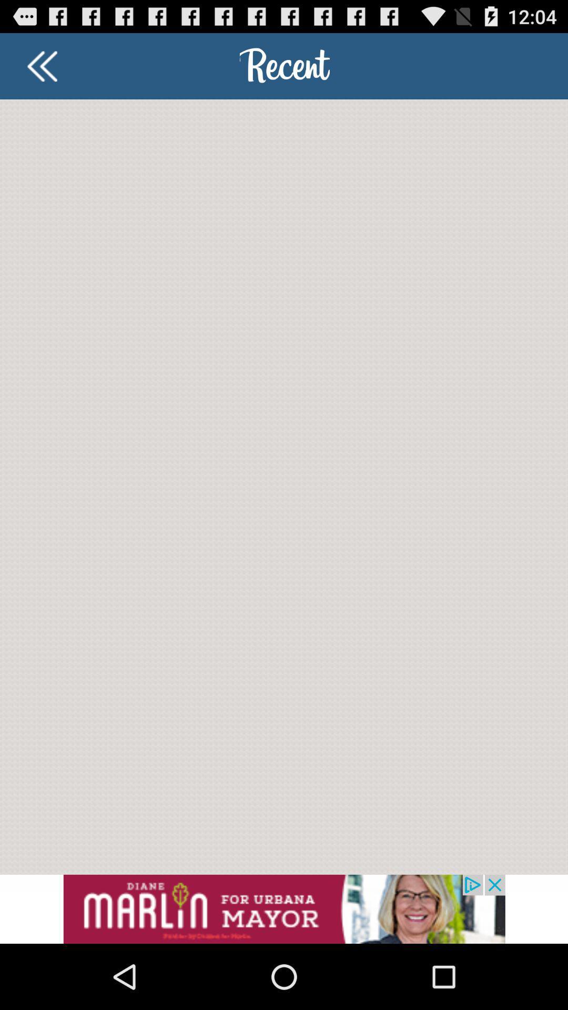 The width and height of the screenshot is (568, 1010). Describe the element at coordinates (42, 65) in the screenshot. I see `downloader for instagram photo video saver` at that location.